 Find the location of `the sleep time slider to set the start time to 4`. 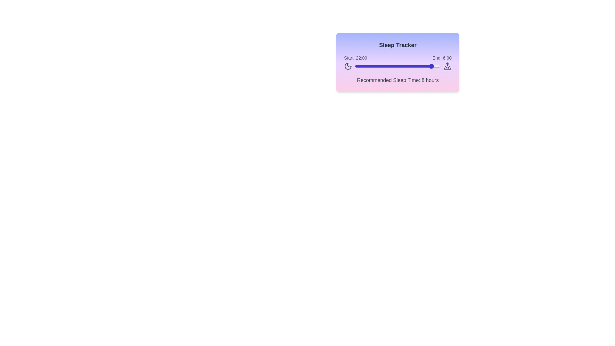

the sleep time slider to set the start time to 4 is located at coordinates (369, 66).